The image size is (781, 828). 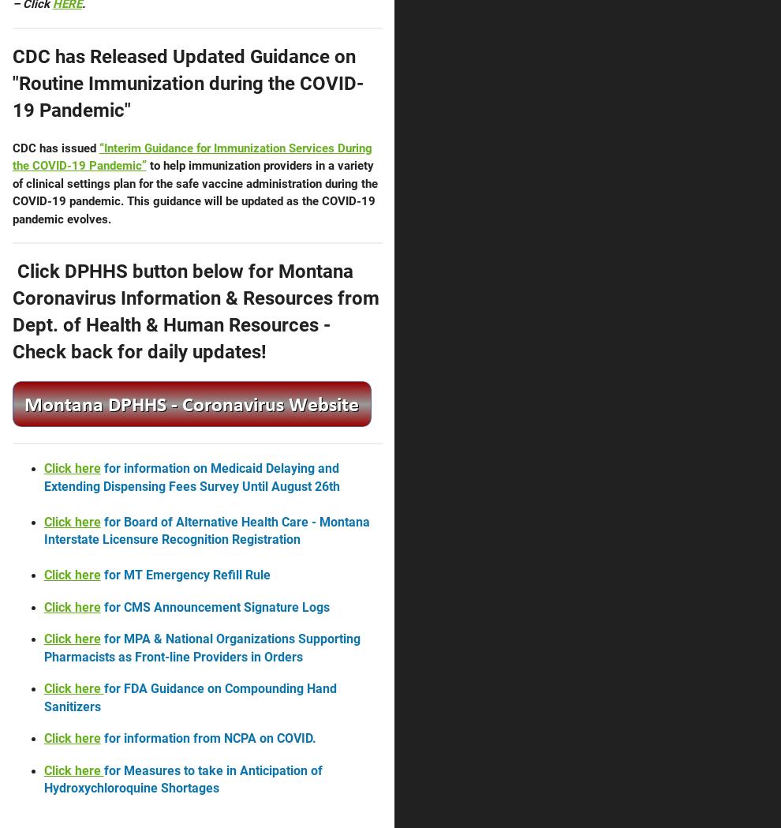 What do you see at coordinates (184, 574) in the screenshot?
I see `'for MT Emergency Refill Rule'` at bounding box center [184, 574].